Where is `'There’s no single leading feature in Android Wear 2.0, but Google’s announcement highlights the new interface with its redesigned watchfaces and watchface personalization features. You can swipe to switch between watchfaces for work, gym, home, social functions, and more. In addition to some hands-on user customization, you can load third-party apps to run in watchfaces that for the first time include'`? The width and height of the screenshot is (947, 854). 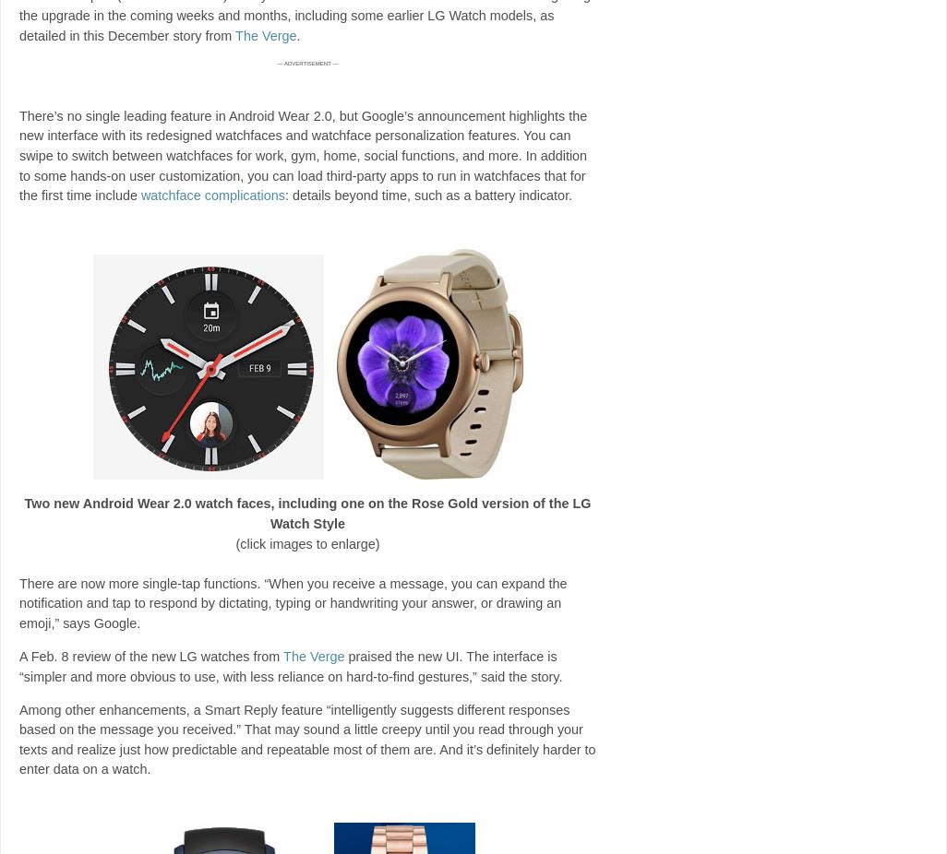 'There’s no single leading feature in Android Wear 2.0, but Google’s announcement highlights the new interface with its redesigned watchfaces and watchface personalization features. You can swipe to switch between watchfaces for work, gym, home, social functions, and more. In addition to some hands-on user customization, you can load third-party apps to run in watchfaces that for the first time include' is located at coordinates (303, 154).